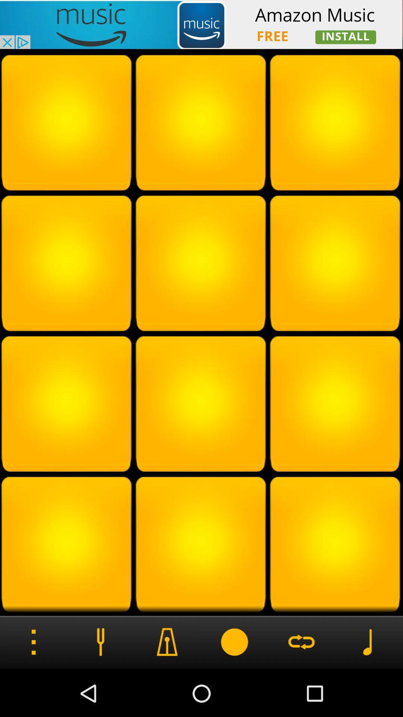 Image resolution: width=403 pixels, height=717 pixels. Describe the element at coordinates (201, 24) in the screenshot. I see `advertisement` at that location.